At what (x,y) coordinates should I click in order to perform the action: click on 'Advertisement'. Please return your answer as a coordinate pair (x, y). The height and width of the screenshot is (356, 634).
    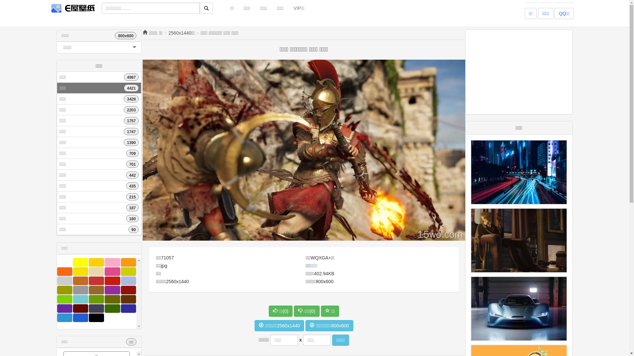
    Looking at the image, I should click on (515, 71).